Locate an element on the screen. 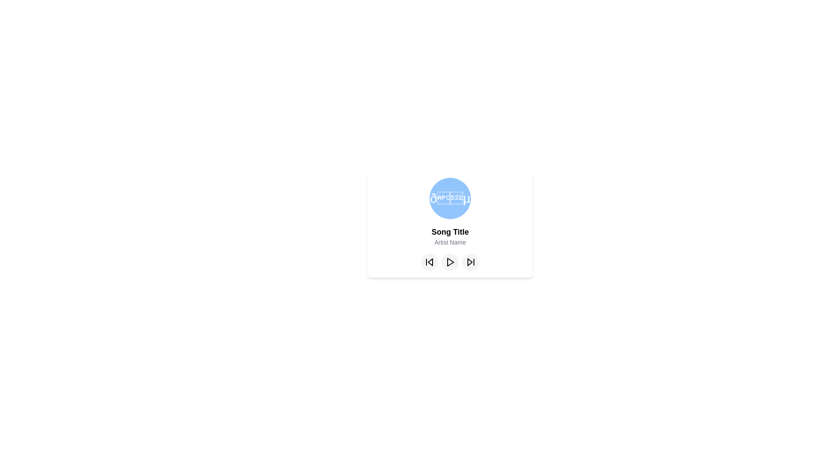  the middle circular button with a black triangular play icon on a white background, located below 'Song Title' and 'Artist Name' is located at coordinates (449, 262).